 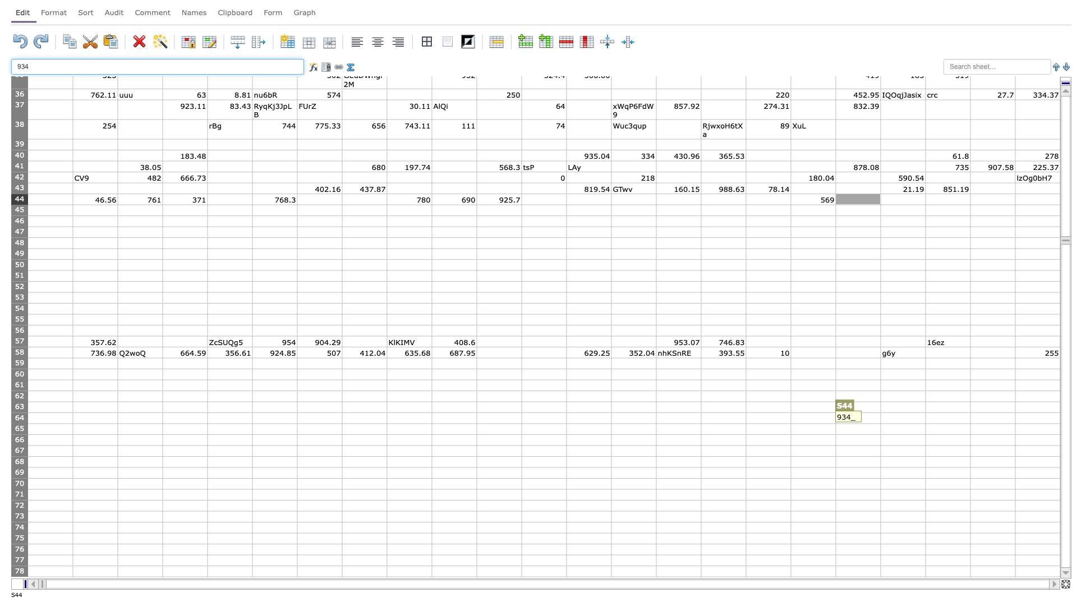 I want to click on Place cursor on fill handle point of U64, so click(x=969, y=424).